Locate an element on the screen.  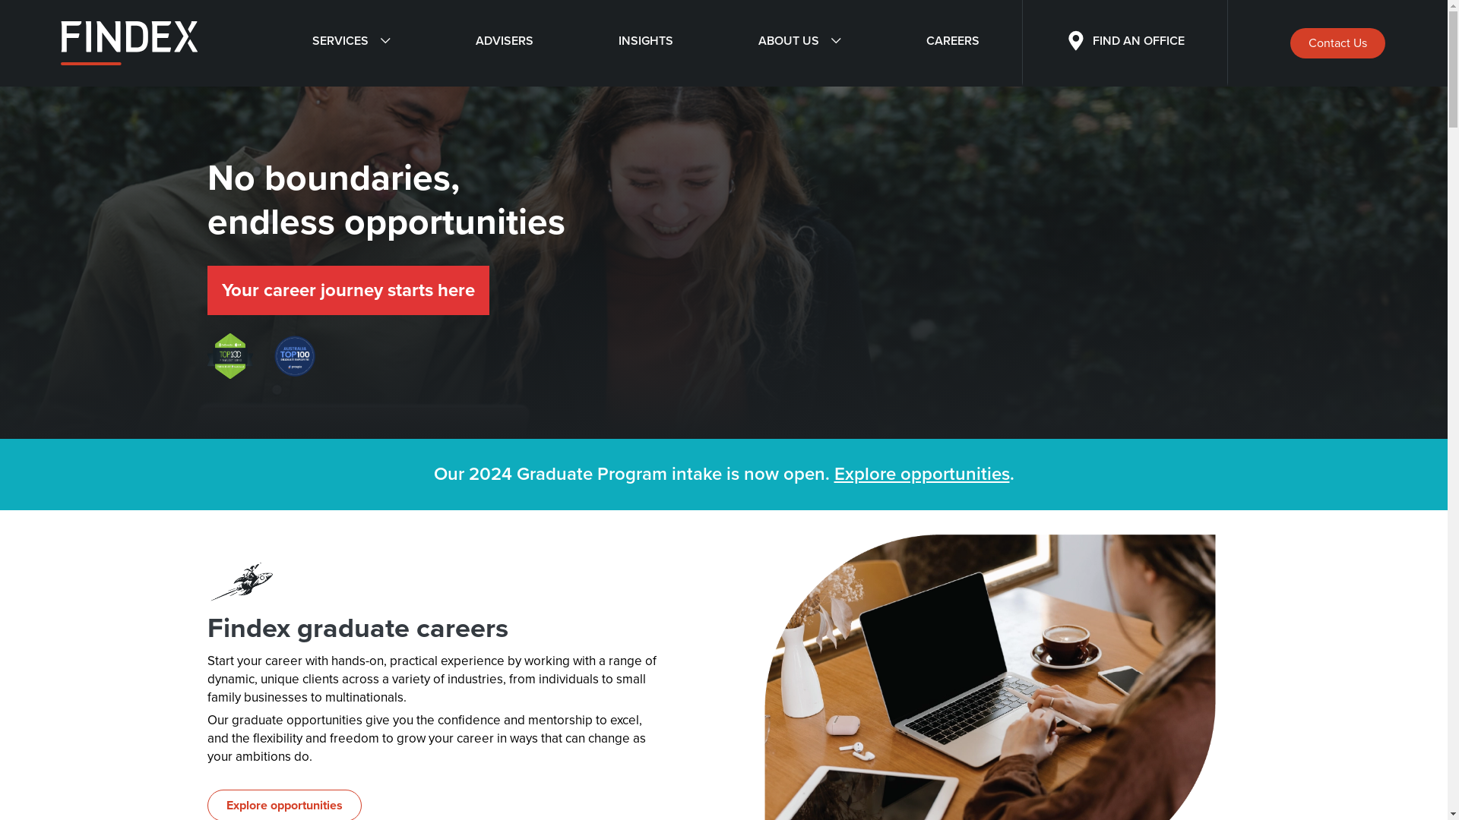
'ABOUT US' is located at coordinates (798, 43).